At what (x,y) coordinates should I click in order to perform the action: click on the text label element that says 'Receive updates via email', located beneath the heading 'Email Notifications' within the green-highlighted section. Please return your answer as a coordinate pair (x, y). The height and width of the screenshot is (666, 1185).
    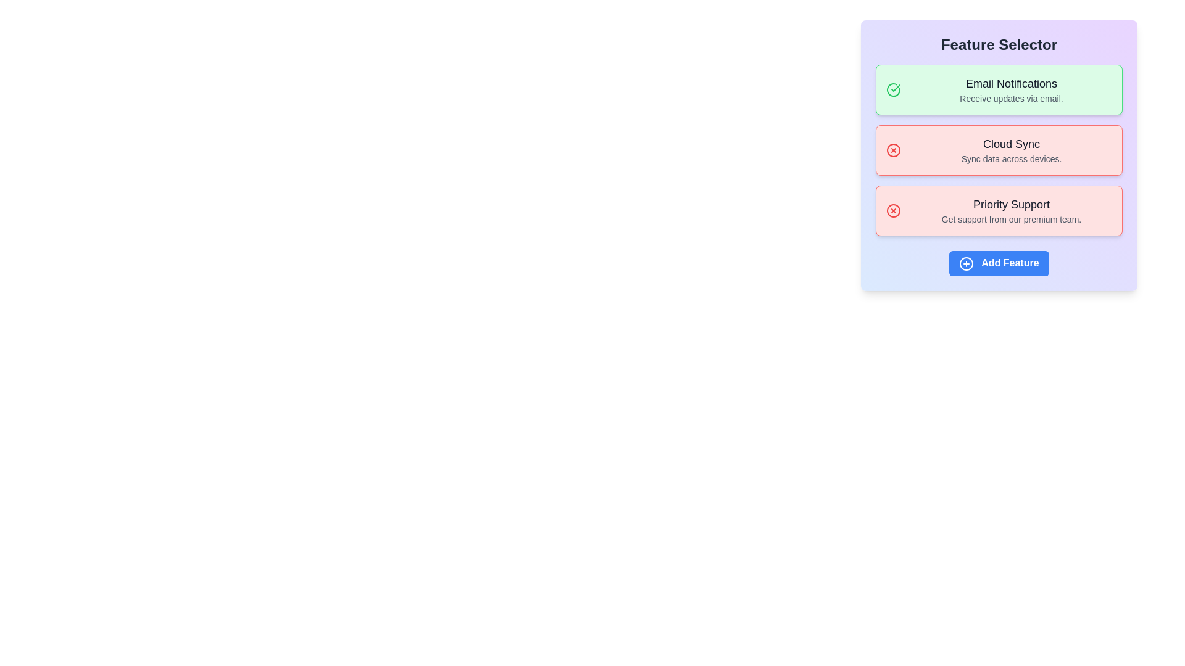
    Looking at the image, I should click on (1011, 97).